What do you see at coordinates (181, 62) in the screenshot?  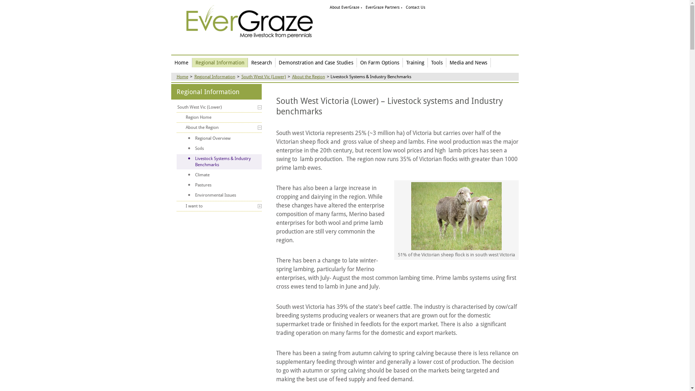 I see `'Home'` at bounding box center [181, 62].